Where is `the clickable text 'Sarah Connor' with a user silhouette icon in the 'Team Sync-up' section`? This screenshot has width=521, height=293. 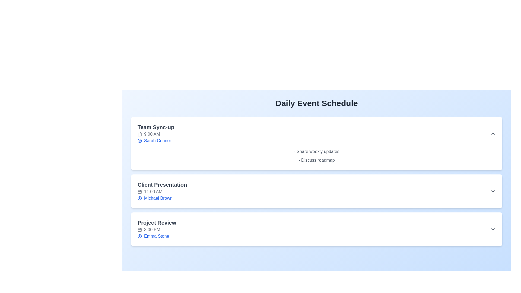 the clickable text 'Sarah Connor' with a user silhouette icon in the 'Team Sync-up' section is located at coordinates (155, 141).